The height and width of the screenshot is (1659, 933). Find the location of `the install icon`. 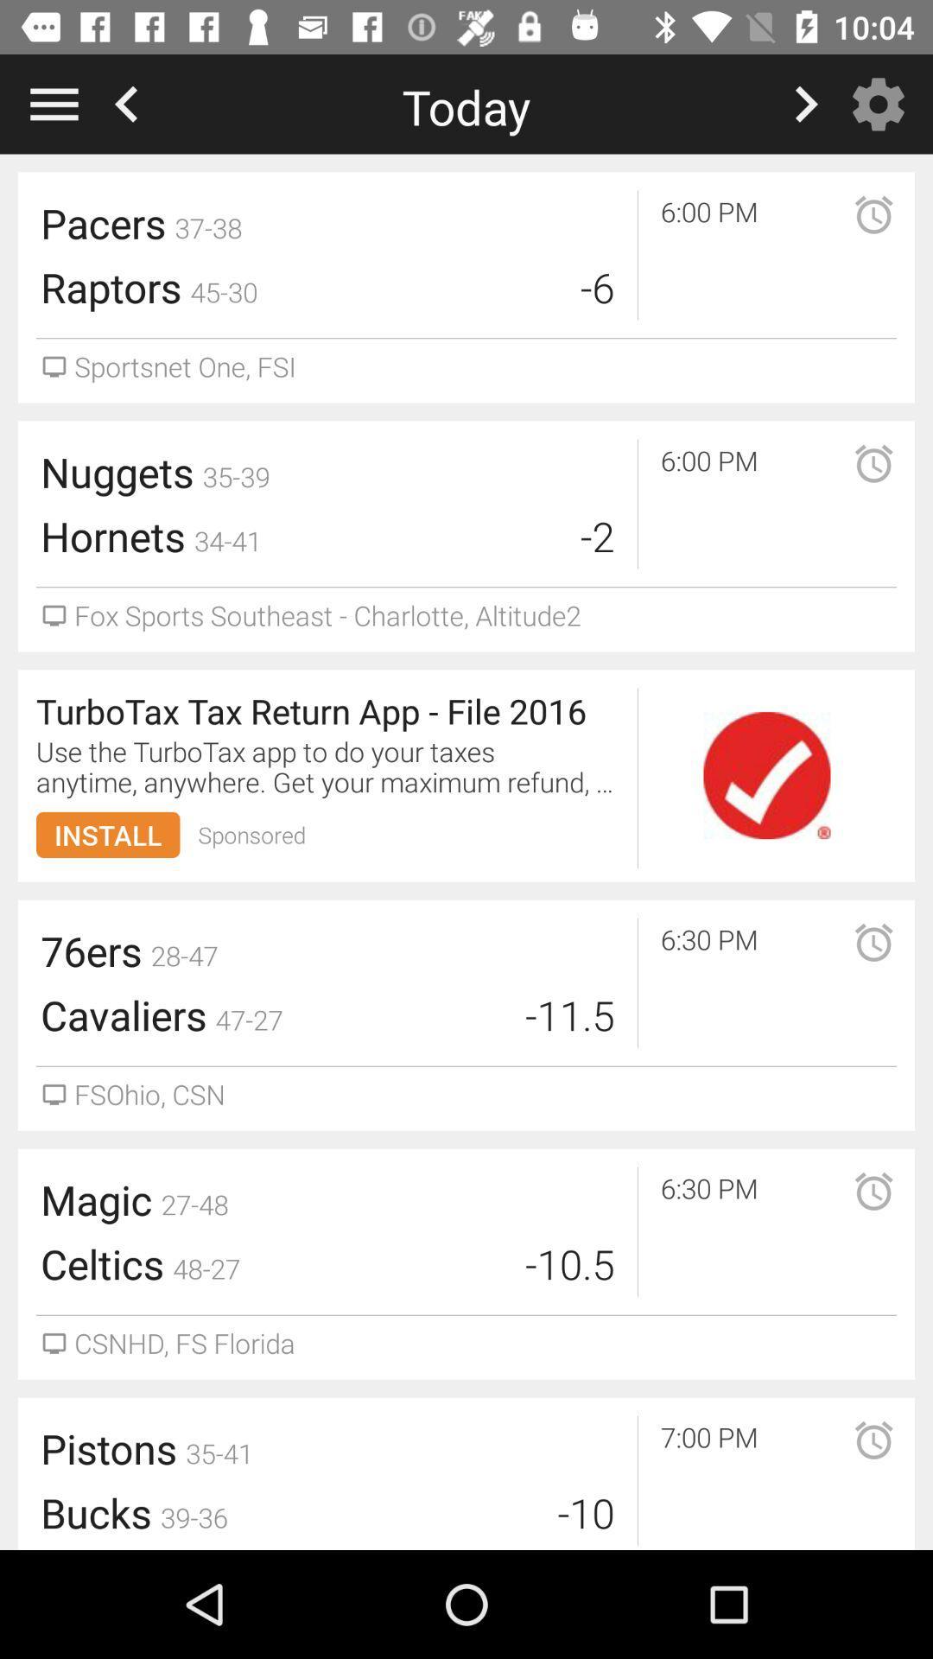

the install icon is located at coordinates (108, 835).